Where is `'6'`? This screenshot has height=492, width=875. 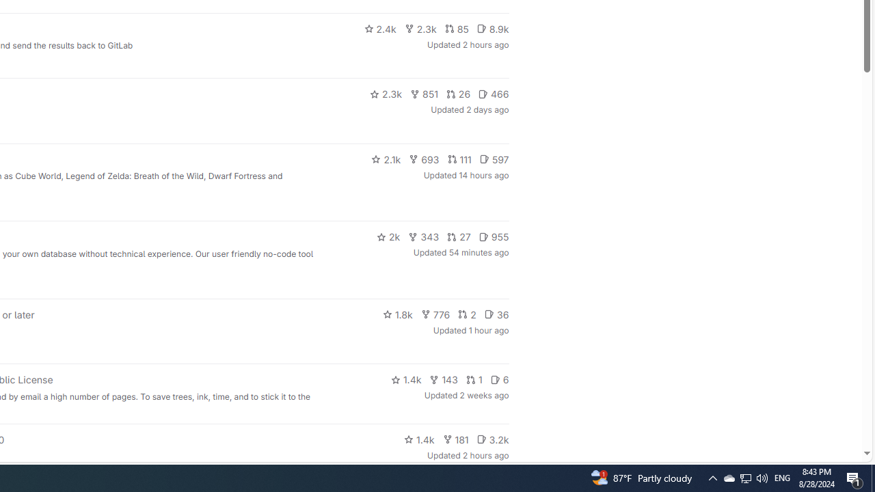 '6' is located at coordinates (498, 380).